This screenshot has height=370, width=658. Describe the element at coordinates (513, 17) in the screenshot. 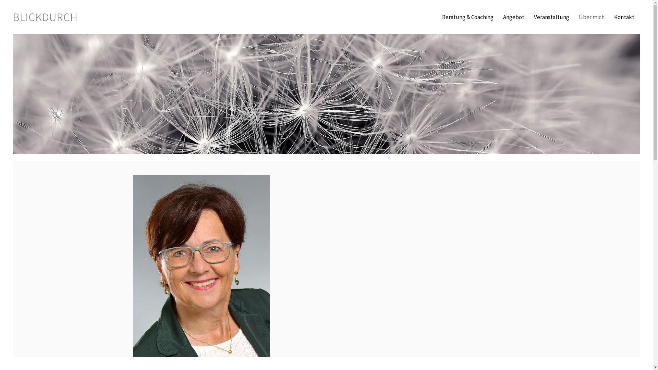

I see `'Angebot'` at that location.